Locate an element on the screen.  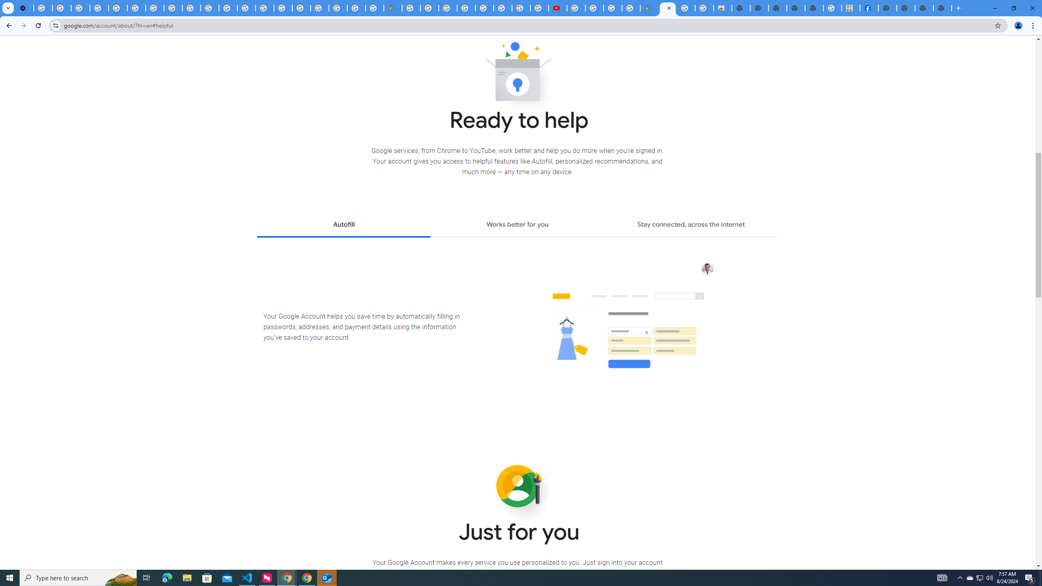
'Chrome Web Store - Shopping' is located at coordinates (722, 8).